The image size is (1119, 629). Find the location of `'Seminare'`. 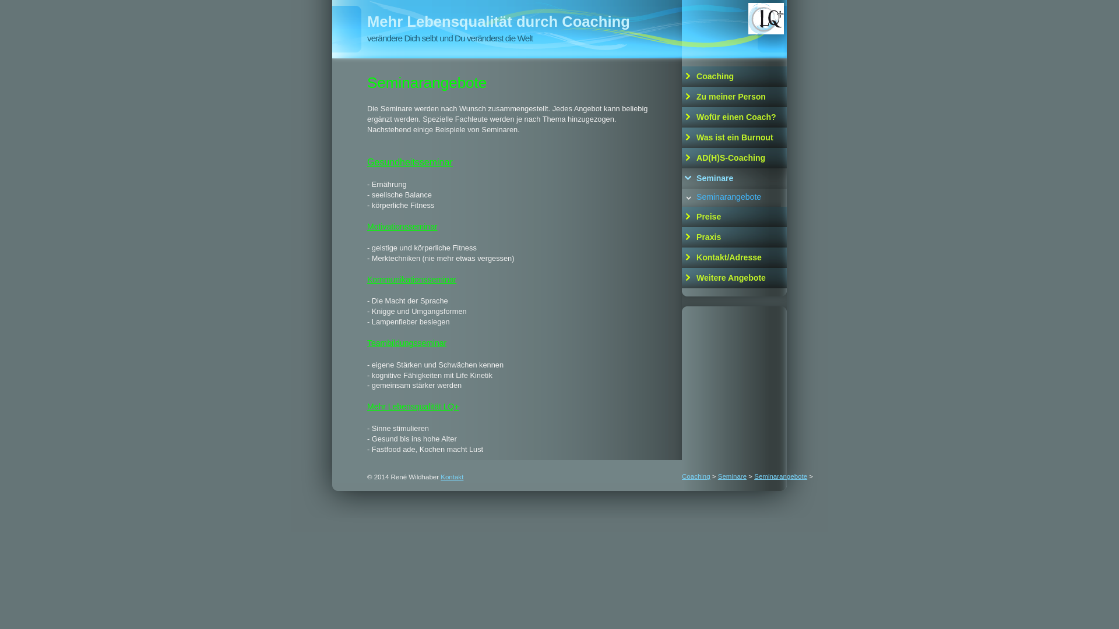

'Seminare' is located at coordinates (731, 476).